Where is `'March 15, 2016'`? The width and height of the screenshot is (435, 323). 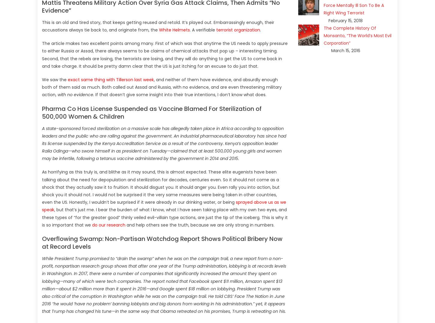
'March 15, 2016' is located at coordinates (345, 50).